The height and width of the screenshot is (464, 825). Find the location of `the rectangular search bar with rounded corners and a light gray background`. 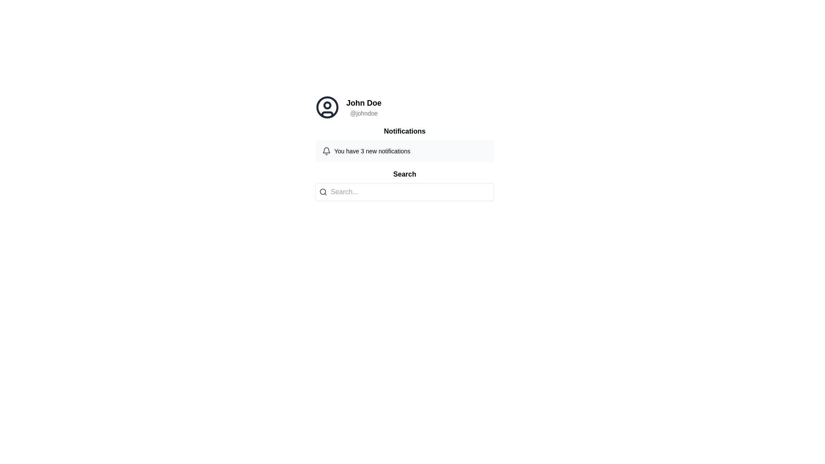

the rectangular search bar with rounded corners and a light gray background is located at coordinates (404, 192).